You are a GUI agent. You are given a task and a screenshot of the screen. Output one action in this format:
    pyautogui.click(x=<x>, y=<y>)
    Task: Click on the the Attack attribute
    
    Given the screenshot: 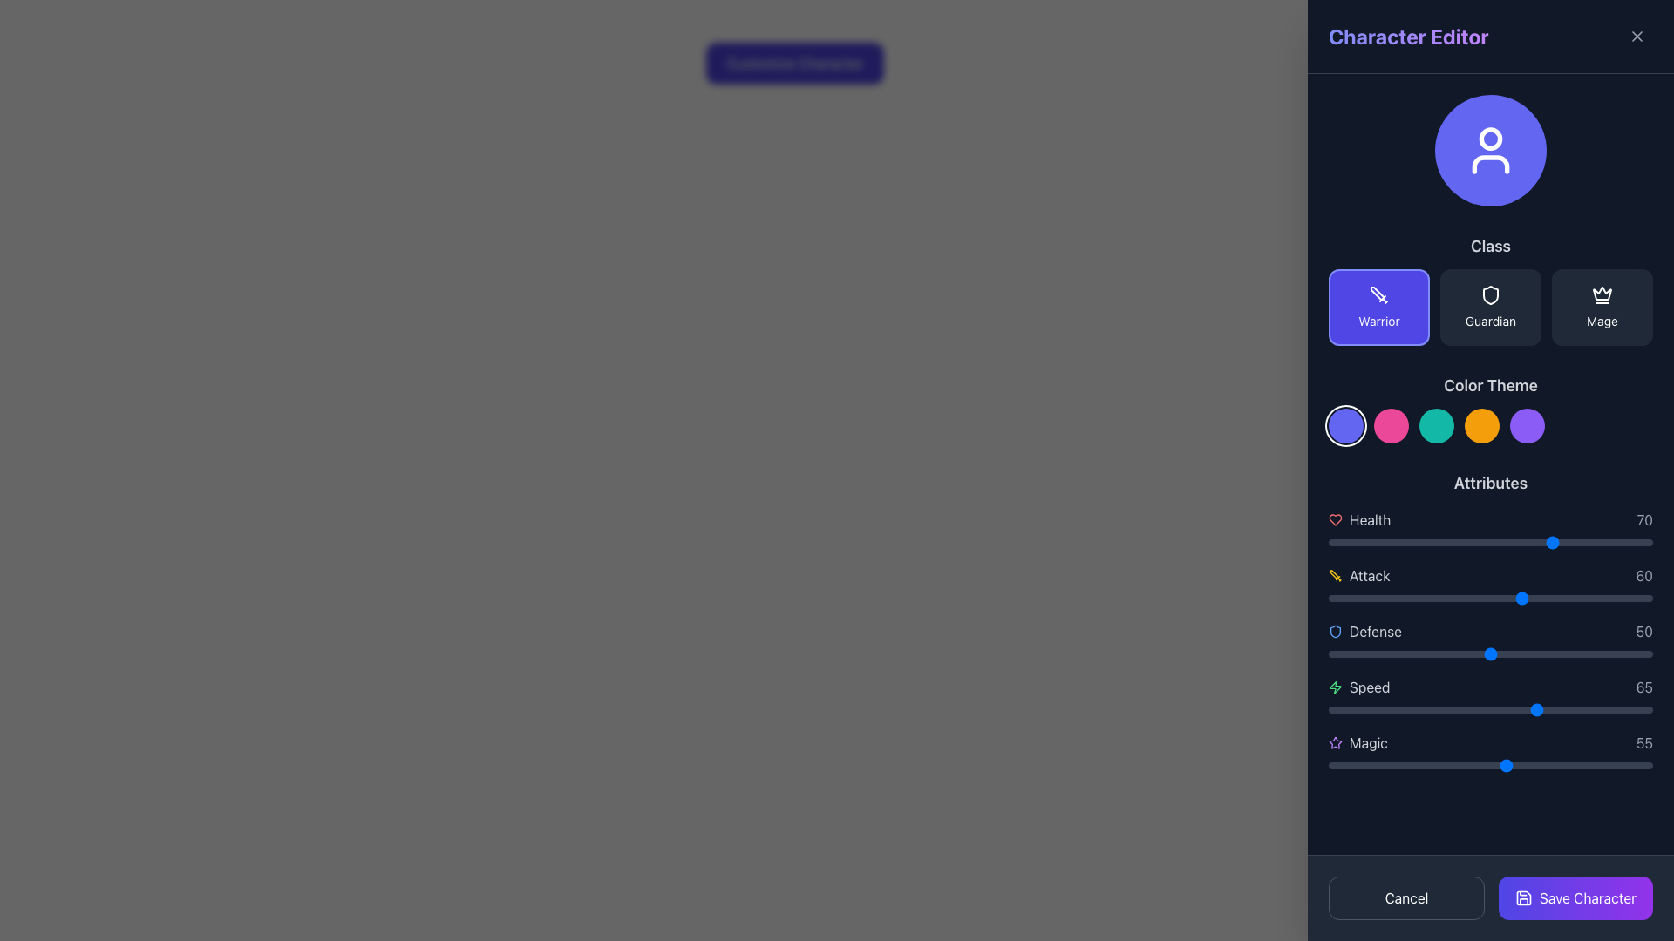 What is the action you would take?
    pyautogui.click(x=1588, y=597)
    